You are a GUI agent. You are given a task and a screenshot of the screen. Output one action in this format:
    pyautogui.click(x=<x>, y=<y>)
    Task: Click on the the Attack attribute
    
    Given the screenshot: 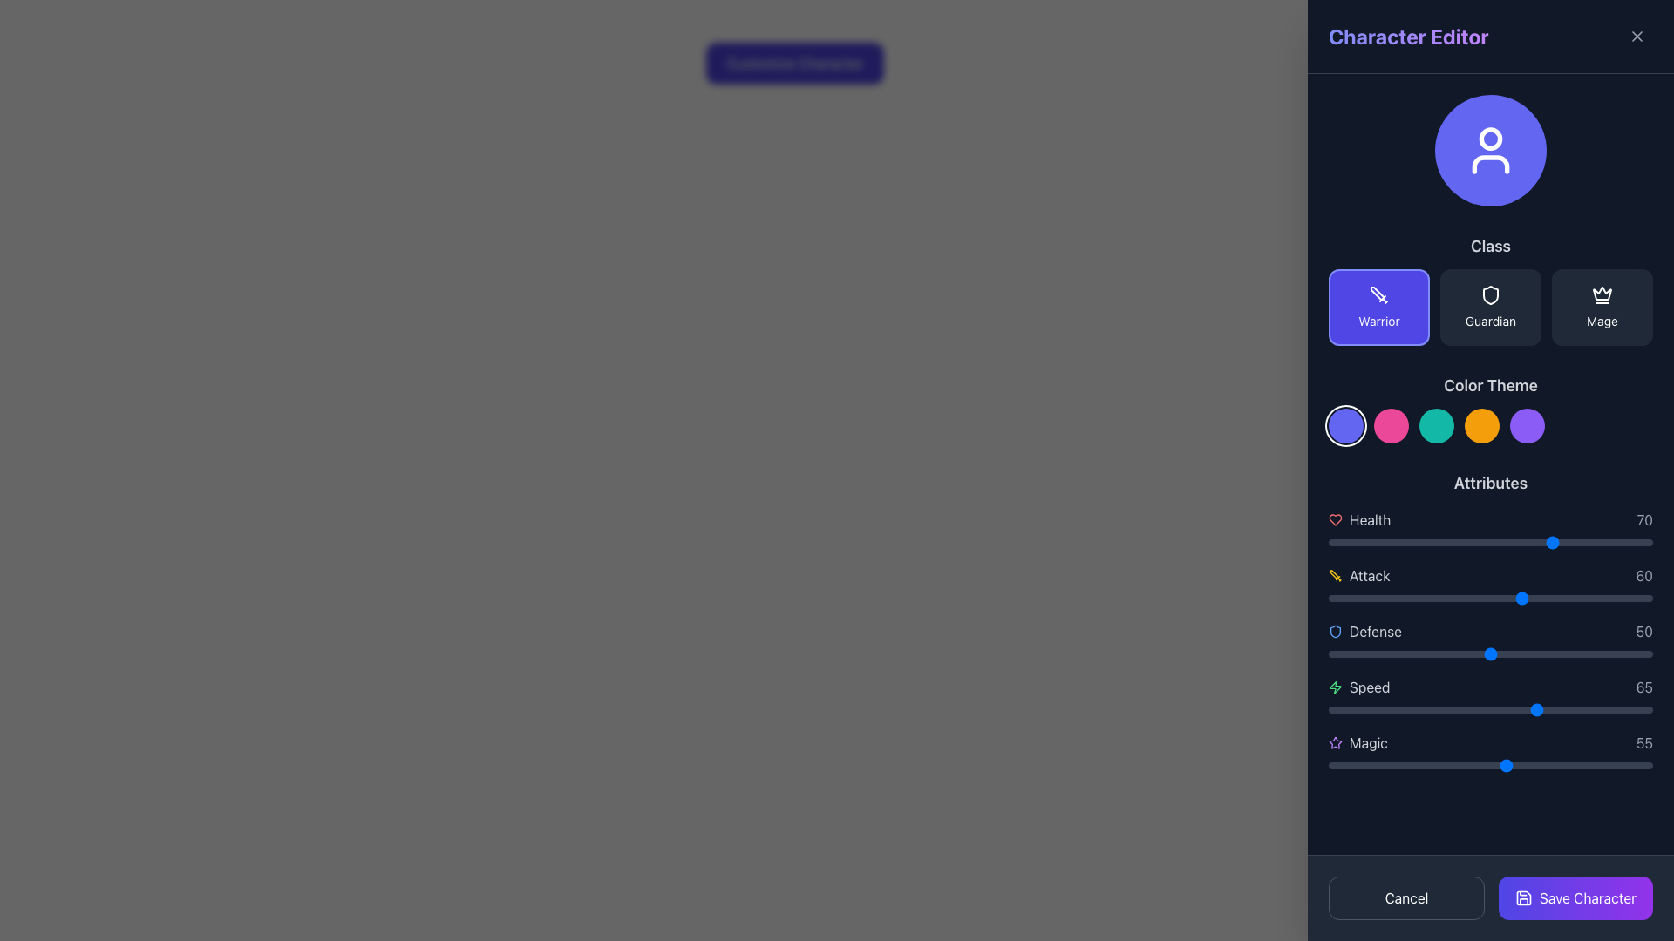 What is the action you would take?
    pyautogui.click(x=1588, y=597)
    